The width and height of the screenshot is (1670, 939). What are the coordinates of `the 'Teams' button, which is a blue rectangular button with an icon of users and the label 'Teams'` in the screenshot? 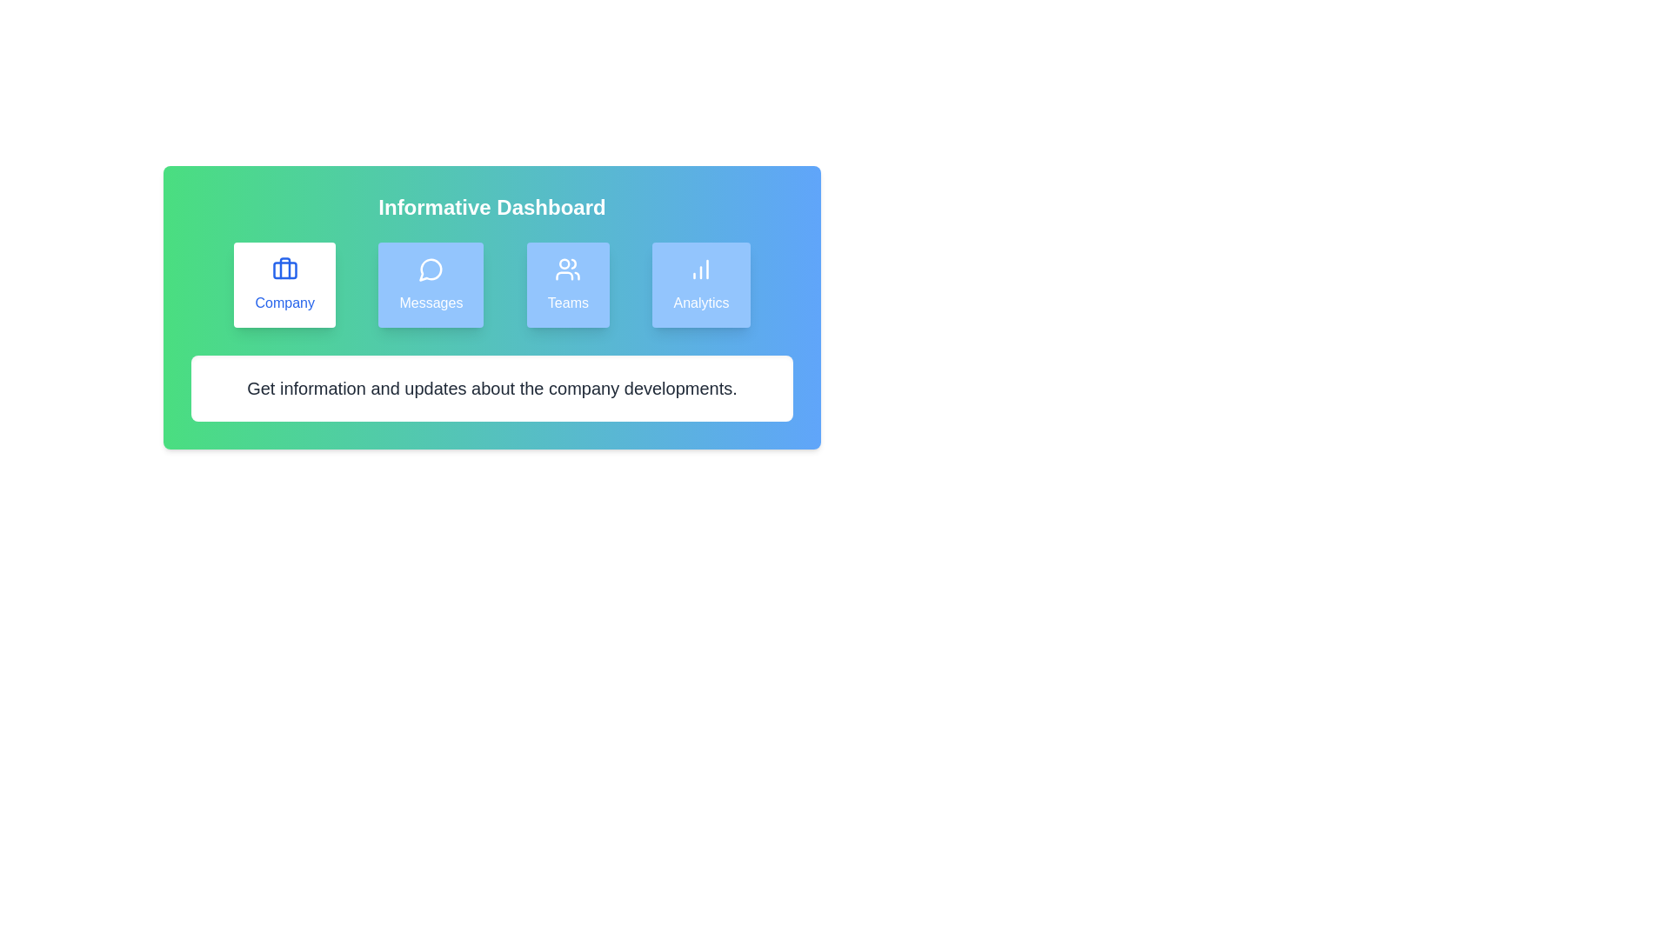 It's located at (568, 283).